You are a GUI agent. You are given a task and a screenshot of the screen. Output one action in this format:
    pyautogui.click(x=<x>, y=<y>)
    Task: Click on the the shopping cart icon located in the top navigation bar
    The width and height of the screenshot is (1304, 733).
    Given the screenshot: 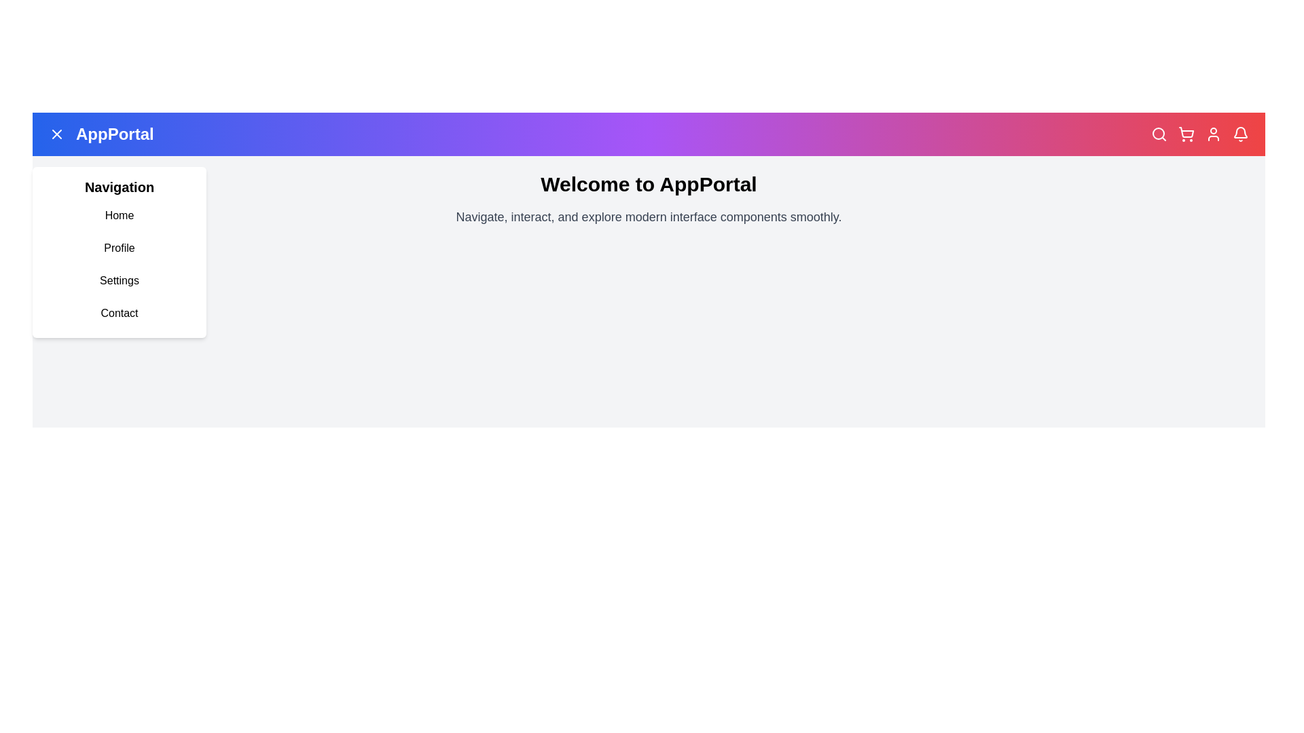 What is the action you would take?
    pyautogui.click(x=1186, y=132)
    